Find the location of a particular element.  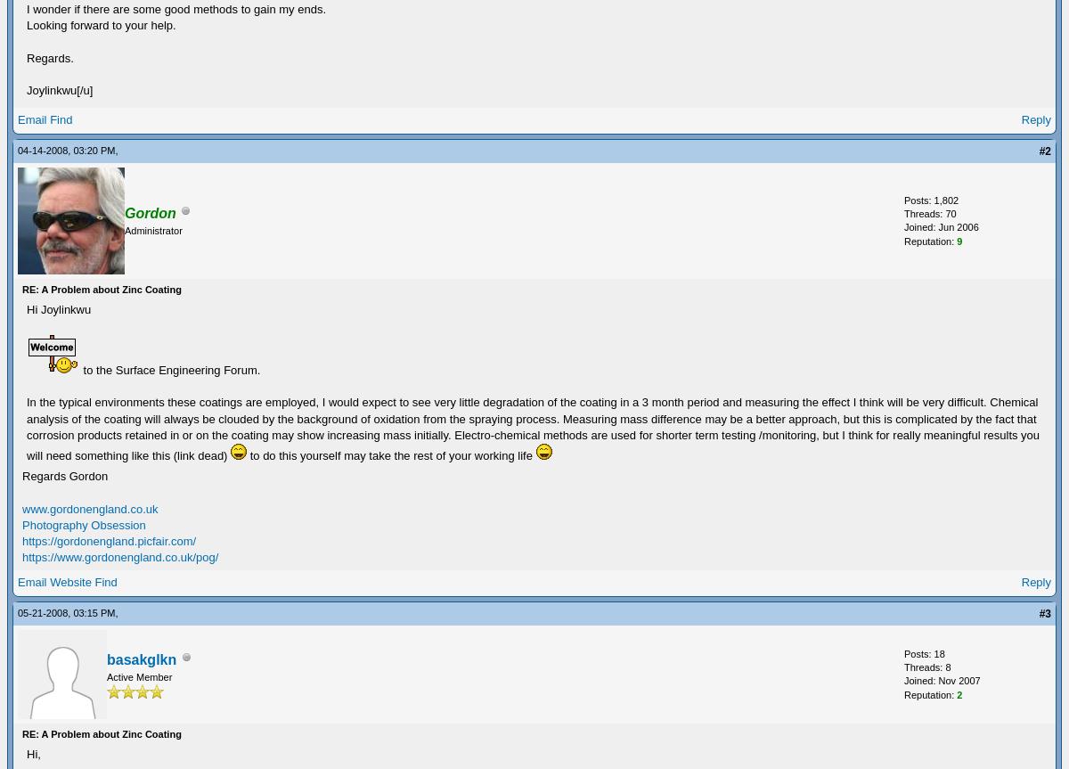

'Photography Obsession' is located at coordinates (21, 524).